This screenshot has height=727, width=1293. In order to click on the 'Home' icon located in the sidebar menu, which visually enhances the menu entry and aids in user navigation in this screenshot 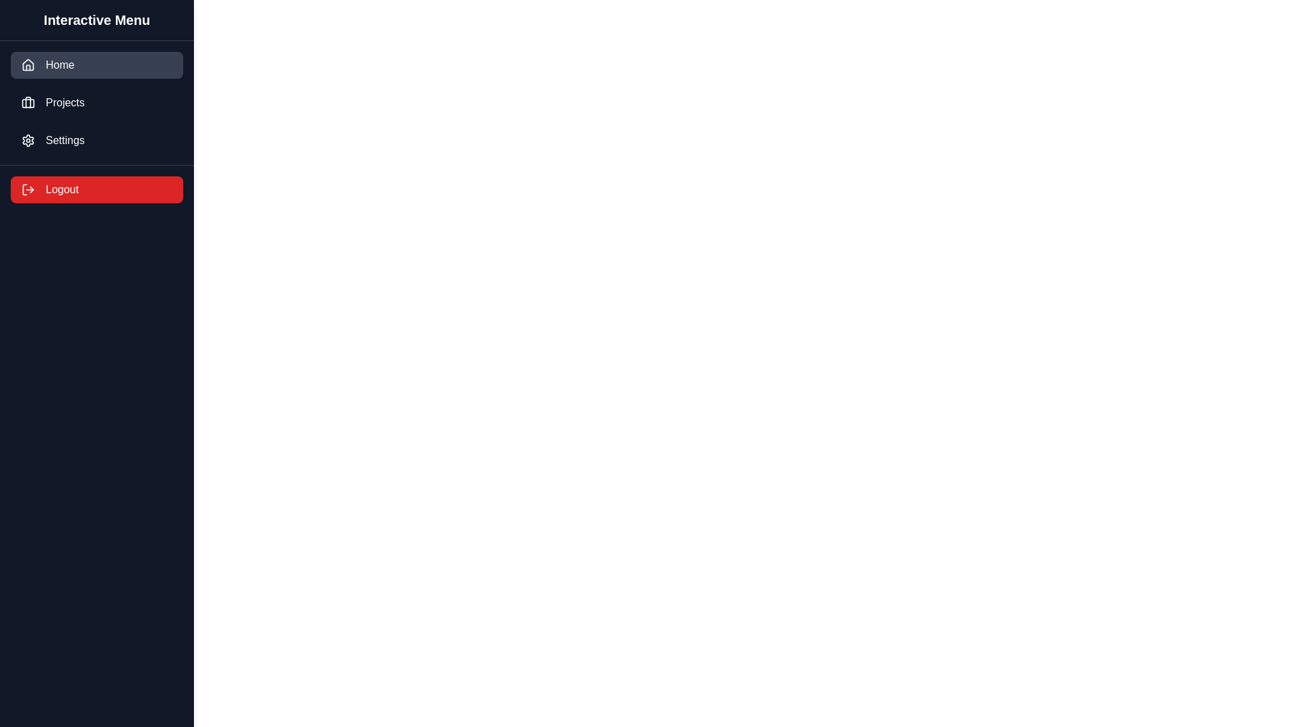, I will do `click(28, 65)`.